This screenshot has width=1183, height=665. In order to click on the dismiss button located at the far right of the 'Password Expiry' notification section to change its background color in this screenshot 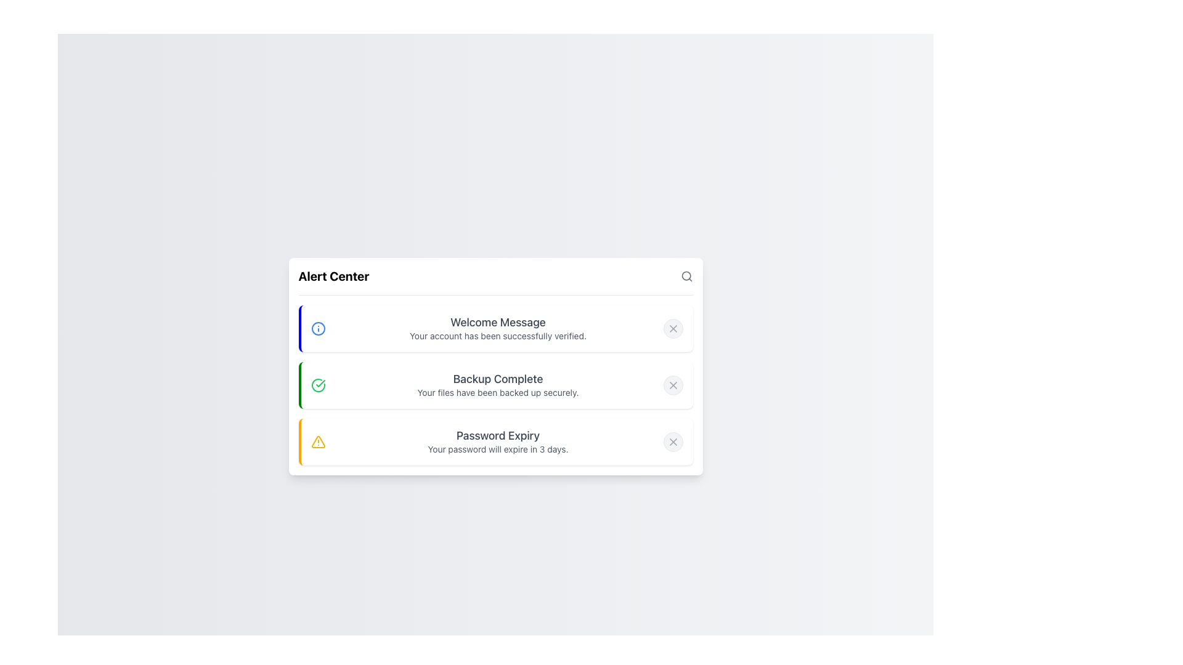, I will do `click(672, 441)`.